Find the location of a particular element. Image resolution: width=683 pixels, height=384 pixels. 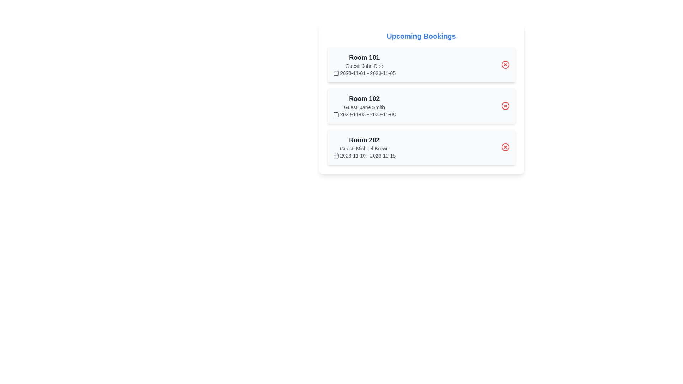

graphical component of the calendar icon, which is a rectangle or rounded rectangle positioned to the left of the booking details text, using the browser developer tools is located at coordinates (335, 73).